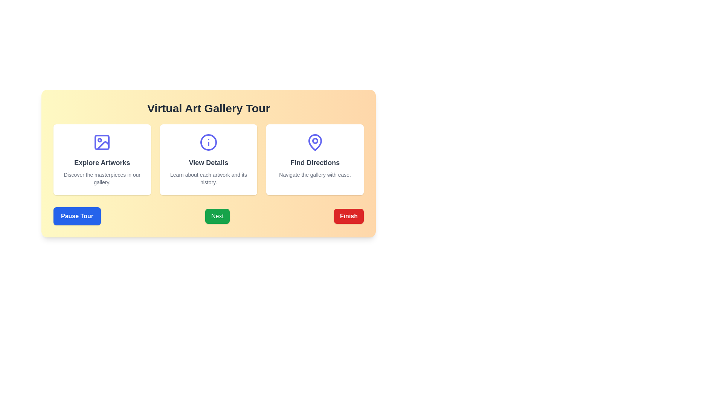 The image size is (723, 407). What do you see at coordinates (208, 179) in the screenshot?
I see `the descriptive text located at the bottom of the central card, which provides additional context related to the 'View Details' action` at bounding box center [208, 179].